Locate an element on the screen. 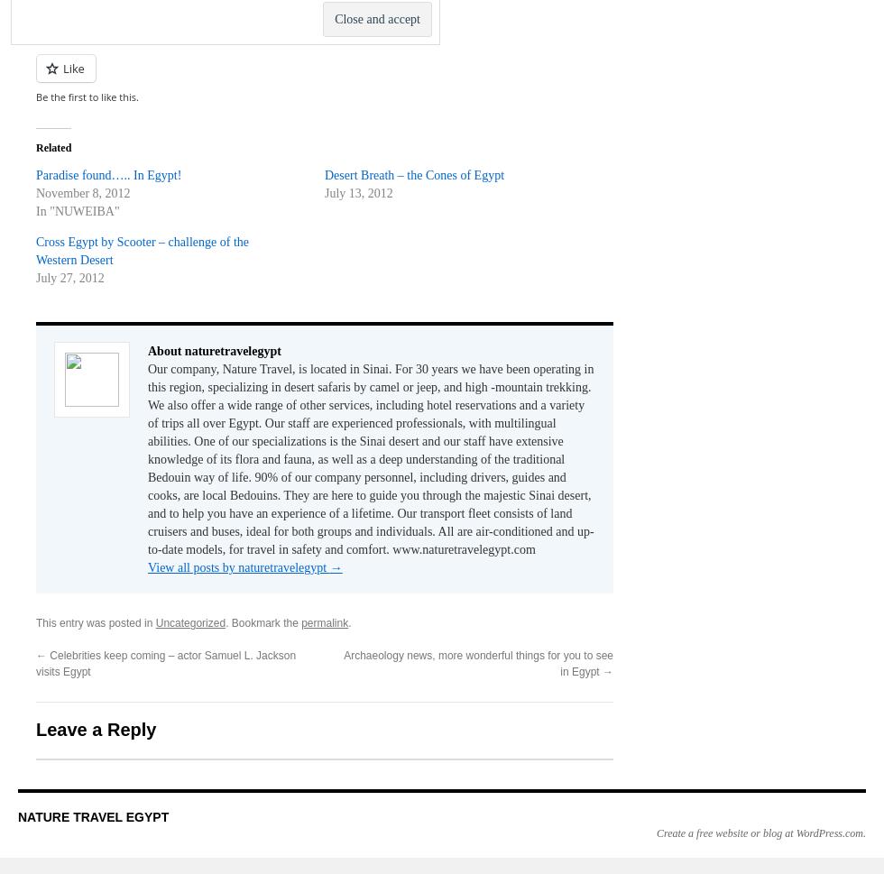 The image size is (884, 874). 'permalink' is located at coordinates (324, 621).